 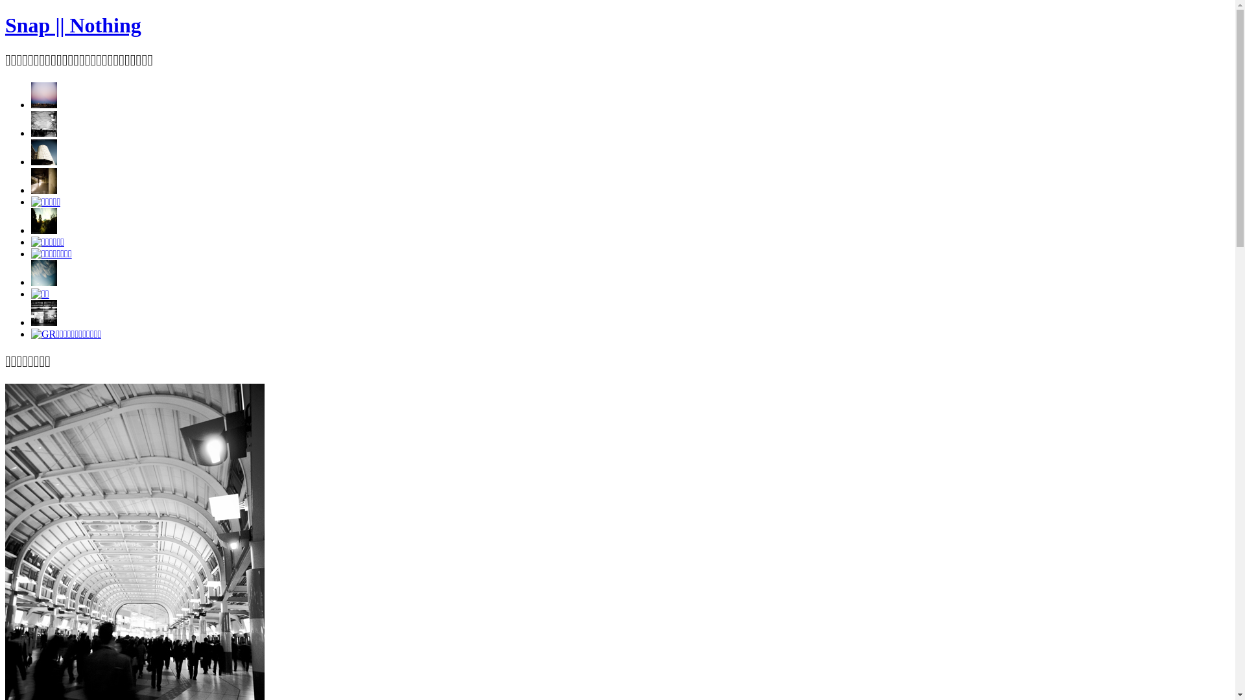 I want to click on 'Snap || Nothing', so click(x=5, y=25).